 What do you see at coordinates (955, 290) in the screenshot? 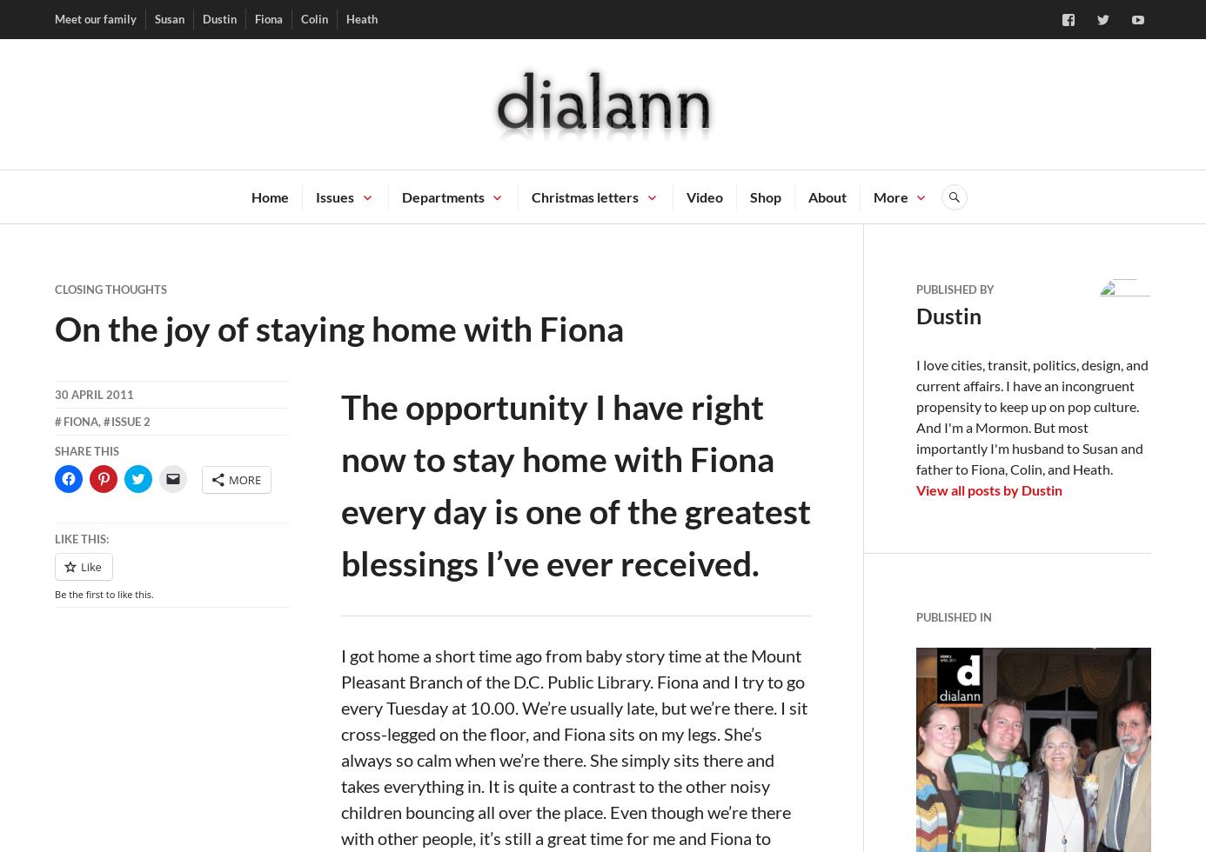
I see `'Published by'` at bounding box center [955, 290].